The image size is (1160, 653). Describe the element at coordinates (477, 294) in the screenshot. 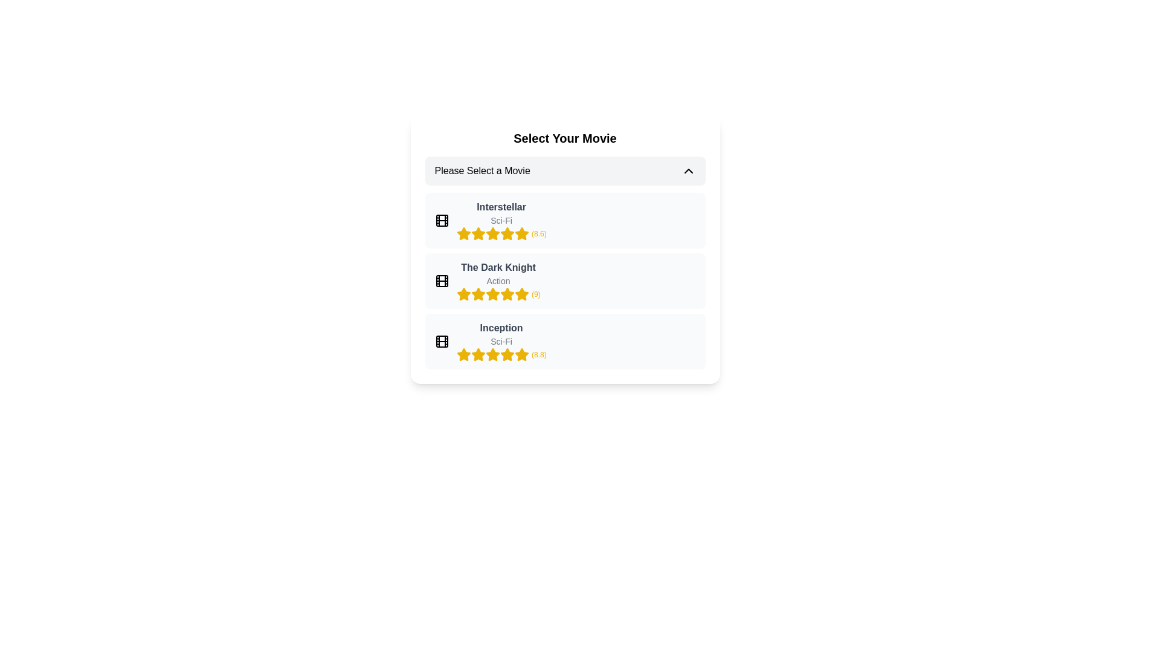

I see `the third gold star icon in the five-star rating sequence for the movie 'The Dark Knight'` at that location.